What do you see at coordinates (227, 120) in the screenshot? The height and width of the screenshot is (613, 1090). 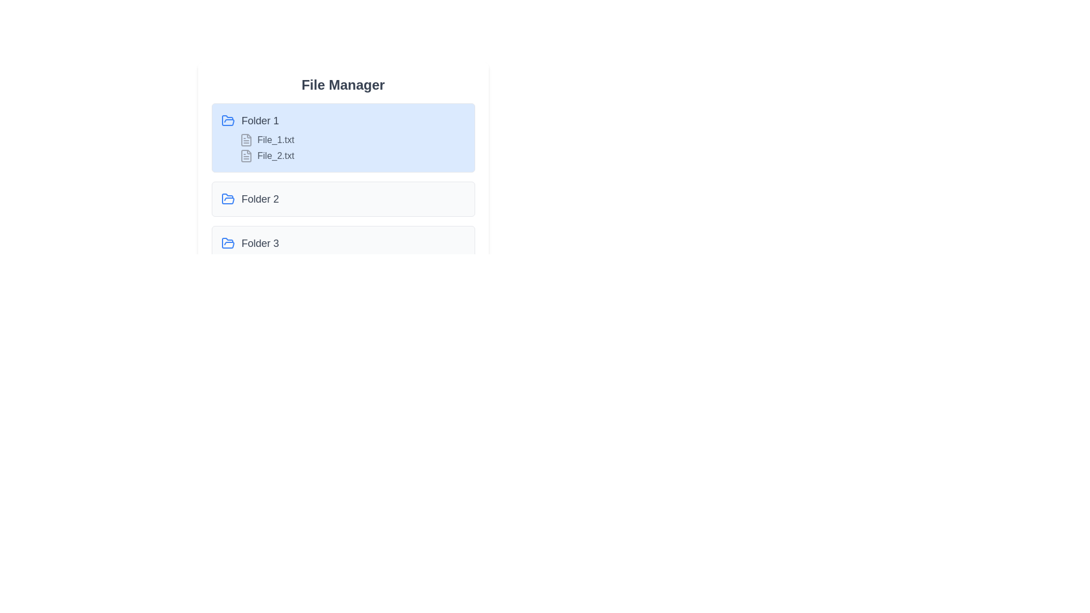 I see `the folder icon, which is a blue outlined icon representing a folder, located to the left of the label 'Folder 1' in the file manager interface` at bounding box center [227, 120].